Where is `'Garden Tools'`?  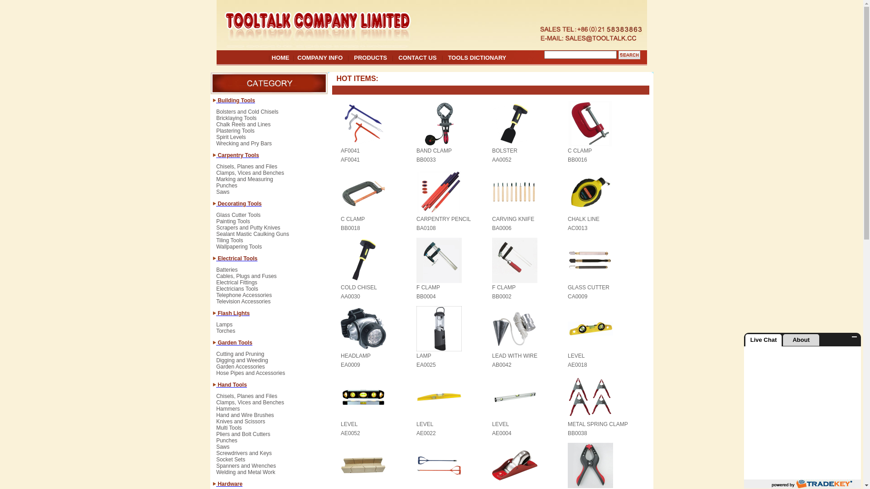
'Garden Tools' is located at coordinates (234, 342).